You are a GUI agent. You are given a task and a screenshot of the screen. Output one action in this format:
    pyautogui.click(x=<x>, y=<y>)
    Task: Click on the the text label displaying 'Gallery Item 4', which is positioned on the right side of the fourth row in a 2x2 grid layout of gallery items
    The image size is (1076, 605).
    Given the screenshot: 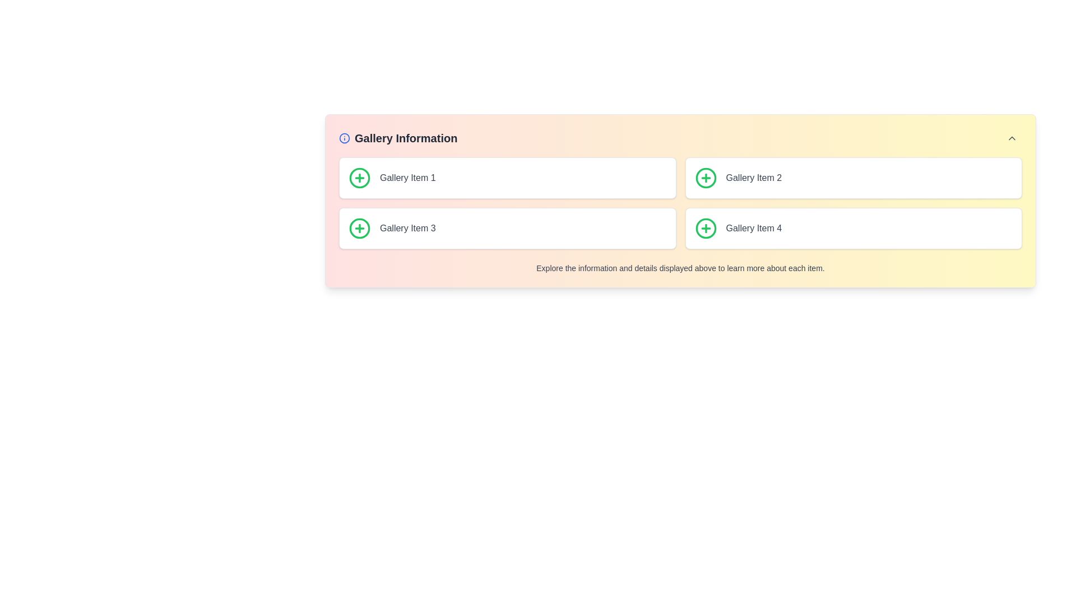 What is the action you would take?
    pyautogui.click(x=754, y=228)
    